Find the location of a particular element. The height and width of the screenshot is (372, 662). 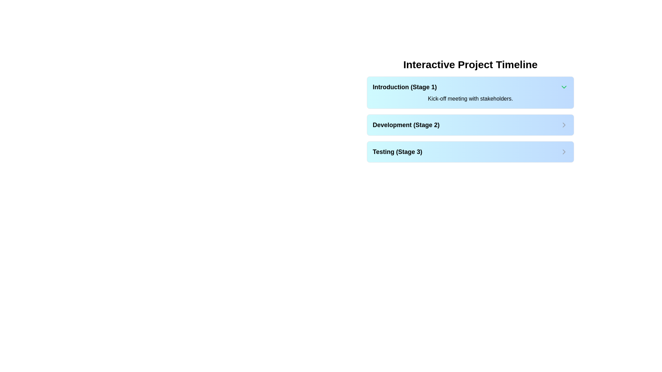

static text 'Development (Stage 2)' which is styled with a bold font on a light blue rectangular background is located at coordinates (406, 125).